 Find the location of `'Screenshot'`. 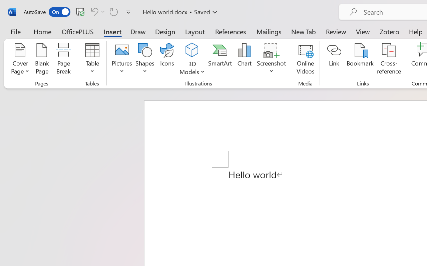

'Screenshot' is located at coordinates (272, 60).